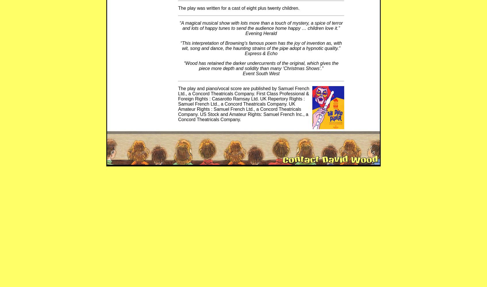  I want to click on 'Express & Echo', so click(261, 53).